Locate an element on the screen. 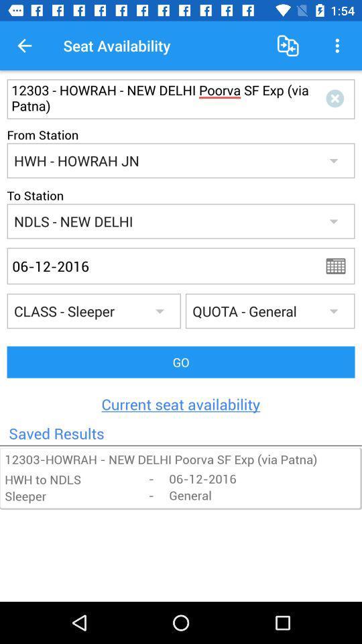 This screenshot has width=362, height=644. apply date is located at coordinates (340, 265).